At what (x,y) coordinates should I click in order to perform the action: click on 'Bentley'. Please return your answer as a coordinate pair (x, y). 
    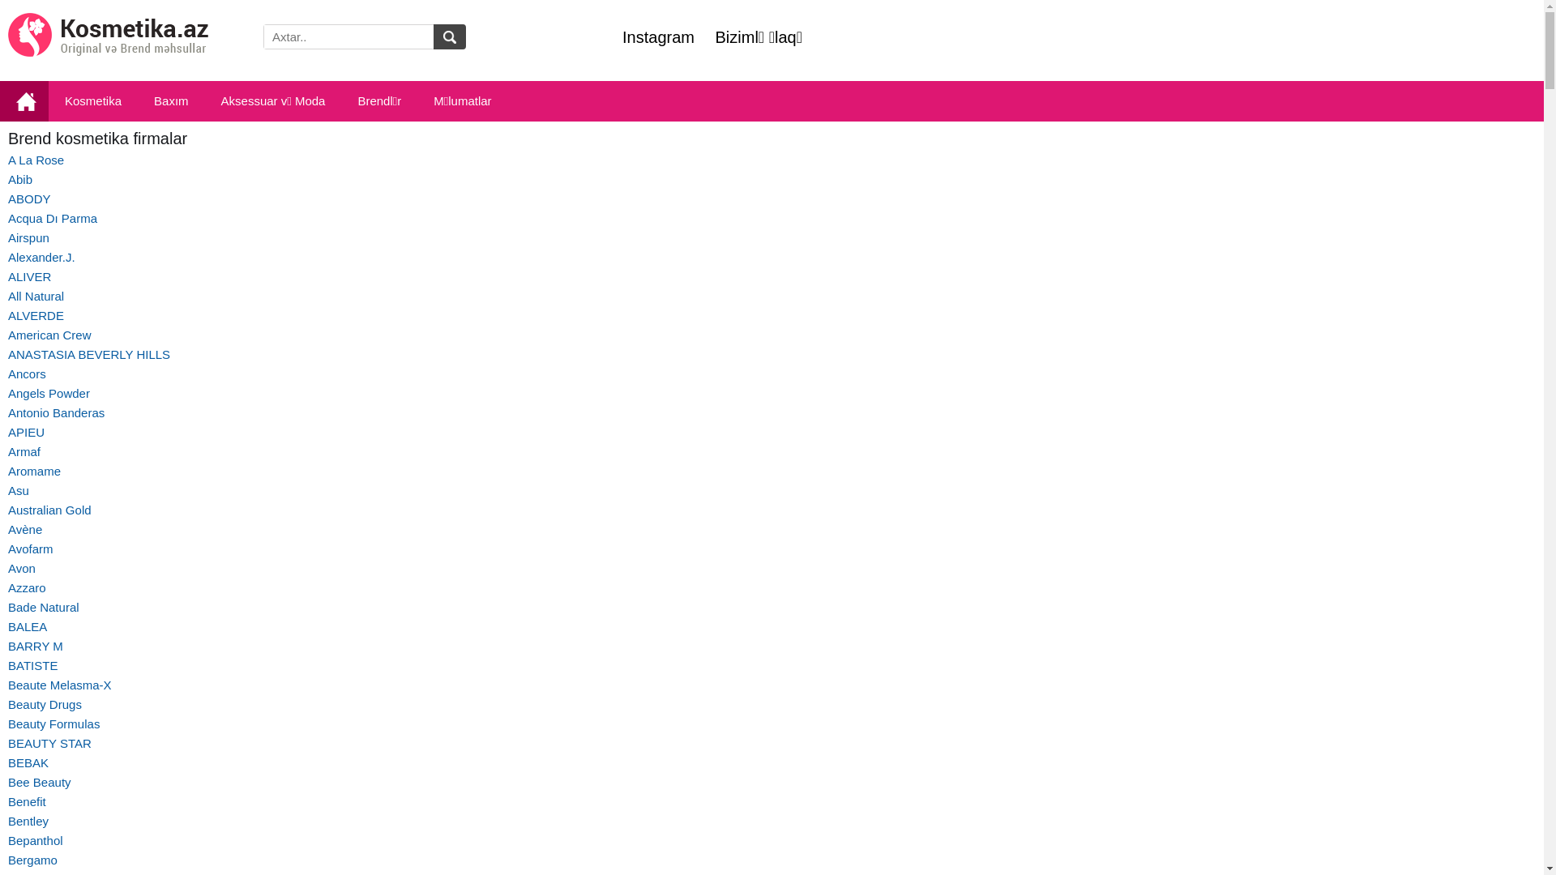
    Looking at the image, I should click on (28, 821).